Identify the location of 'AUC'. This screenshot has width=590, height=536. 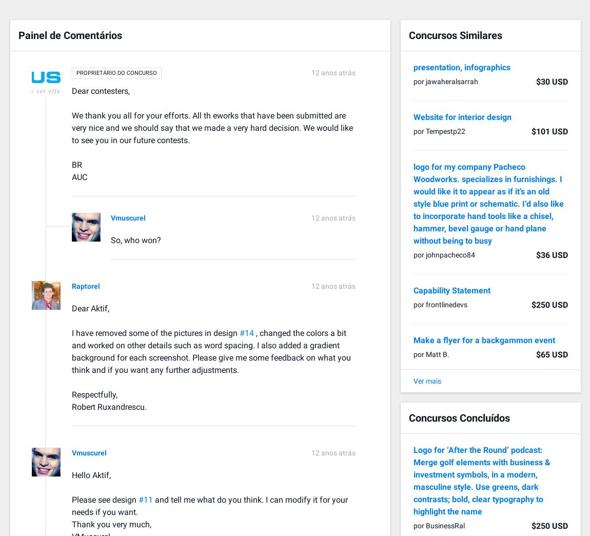
(79, 176).